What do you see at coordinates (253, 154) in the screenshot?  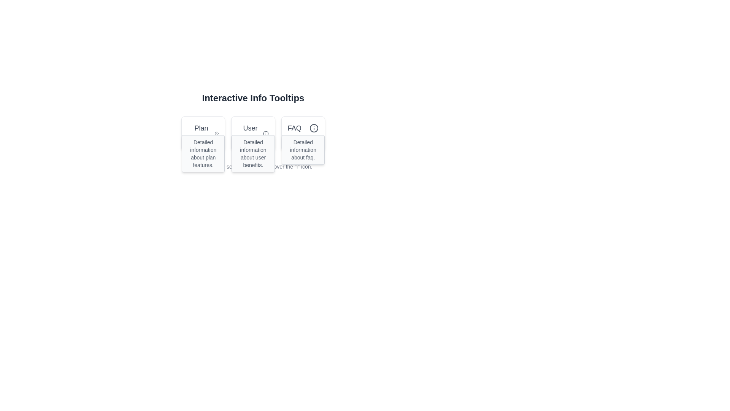 I see `the text element providing detailed explanations about the benefits associated with a user, located in the central tooltip box under the 'User' label` at bounding box center [253, 154].